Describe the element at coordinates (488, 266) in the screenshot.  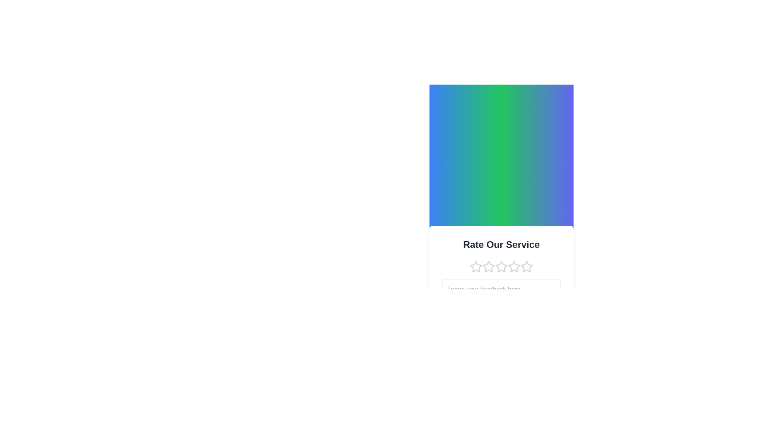
I see `the second star in the rating component located below the 'Rate Our Service' text to register a two-star rating` at that location.